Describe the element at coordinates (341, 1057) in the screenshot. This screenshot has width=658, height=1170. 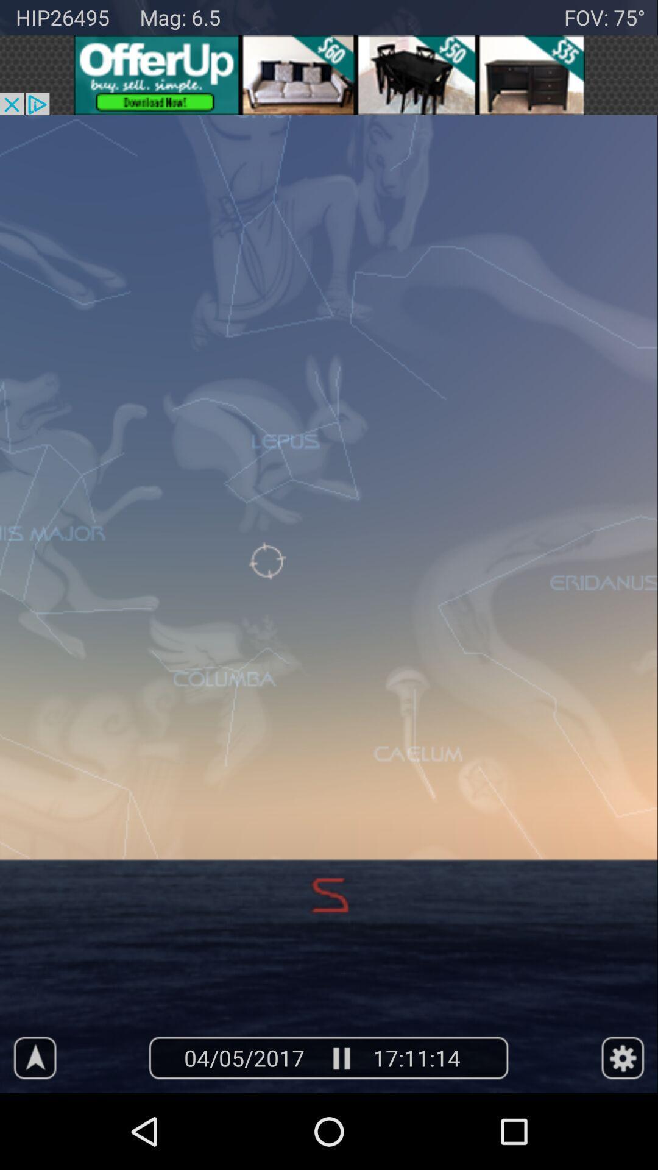
I see `paly an` at that location.